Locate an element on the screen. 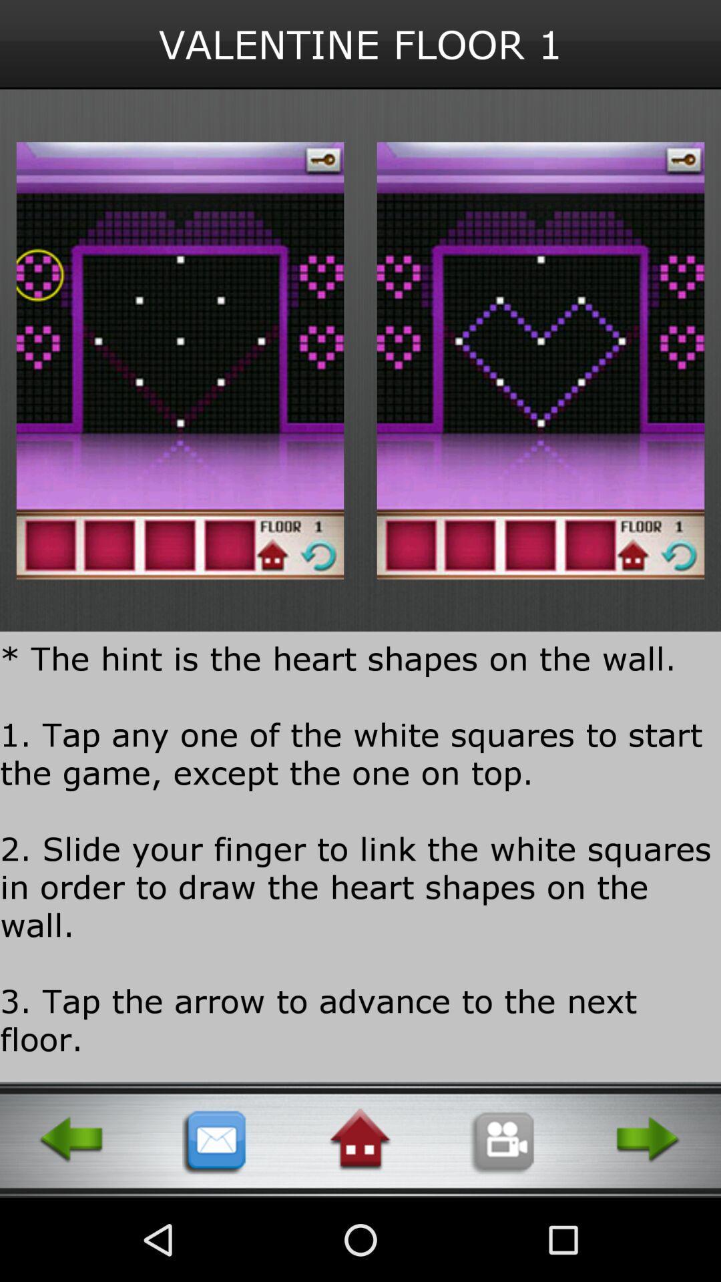 The width and height of the screenshot is (721, 1282). the arrow_backward icon is located at coordinates (72, 1220).